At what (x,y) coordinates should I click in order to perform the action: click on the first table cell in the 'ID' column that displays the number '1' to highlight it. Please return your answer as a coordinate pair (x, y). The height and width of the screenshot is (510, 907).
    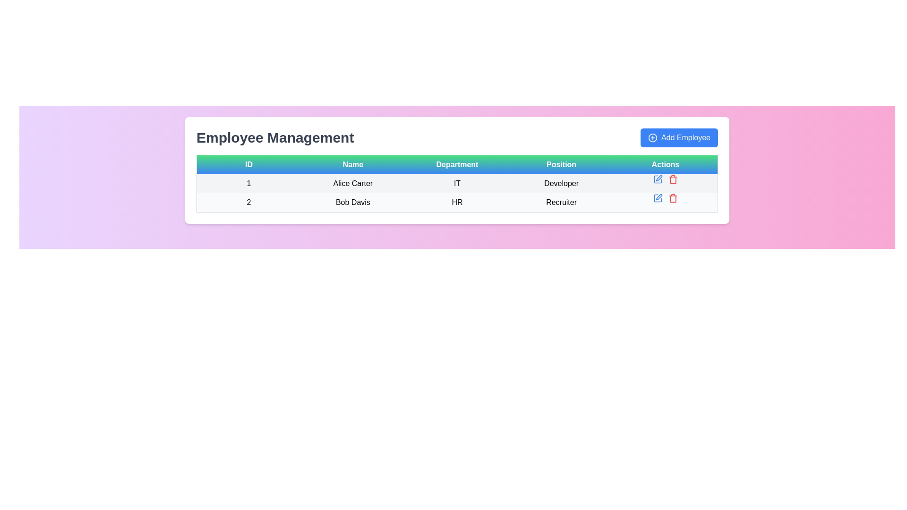
    Looking at the image, I should click on (248, 184).